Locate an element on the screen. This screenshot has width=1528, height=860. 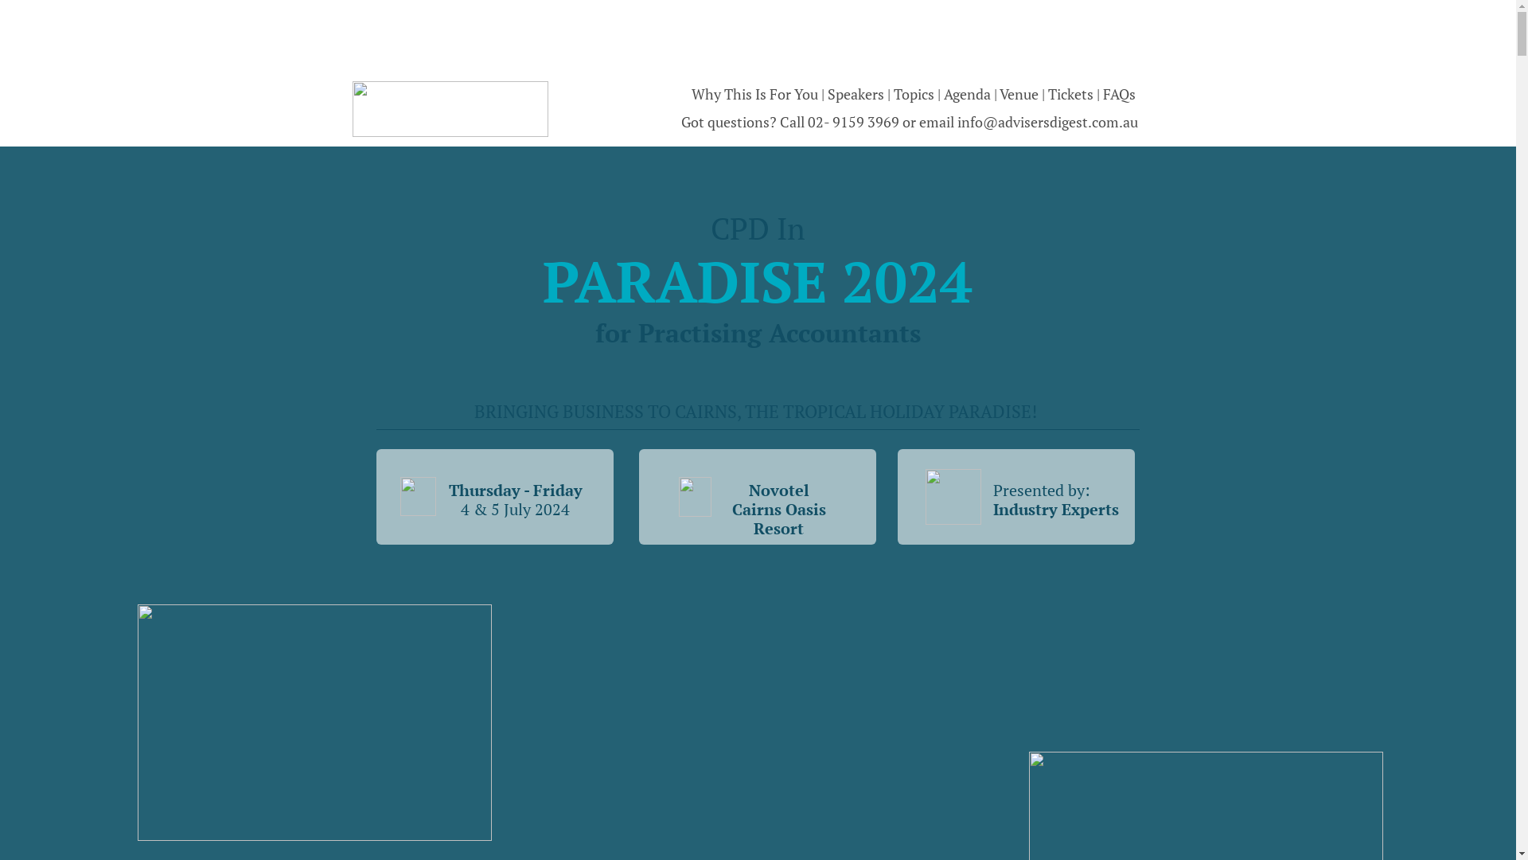
'Why This Is For You' is located at coordinates (753, 94).